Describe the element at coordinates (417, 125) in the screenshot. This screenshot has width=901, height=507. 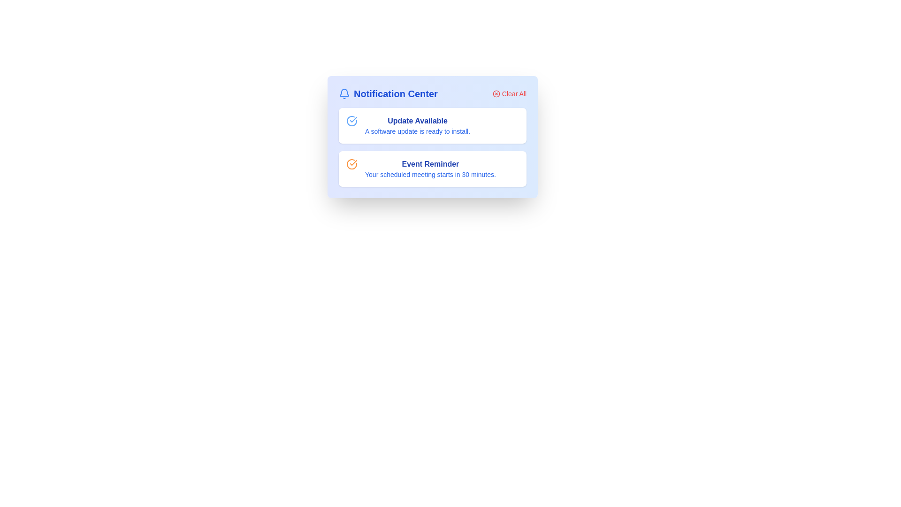
I see `notification text displayed in the Informational Text Block located in the Notification Center, which provides information about an available software update` at that location.